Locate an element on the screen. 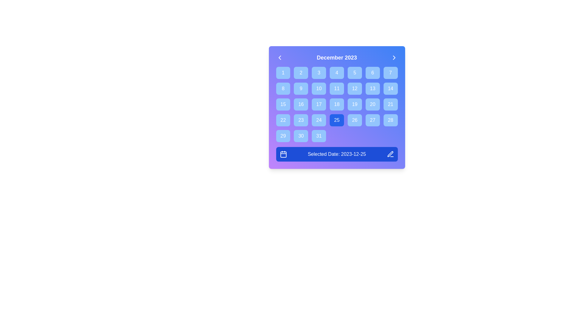 Image resolution: width=584 pixels, height=328 pixels. the rectangular light blue button with a centered white number '1' is located at coordinates (283, 72).